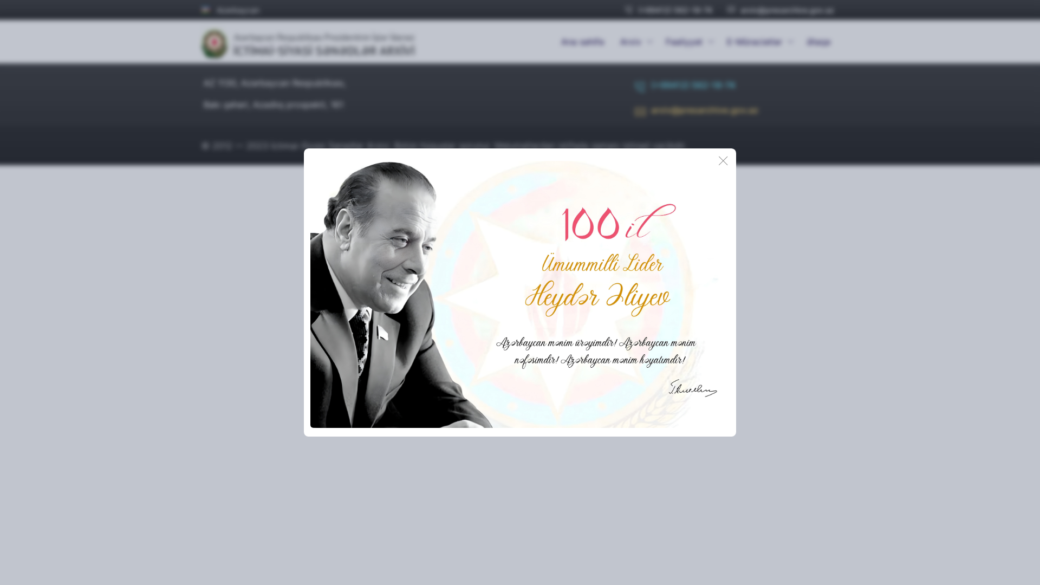 This screenshot has width=1040, height=585. Describe the element at coordinates (781, 10) in the screenshot. I see `'arxiv@presarchive.gov.az'` at that location.